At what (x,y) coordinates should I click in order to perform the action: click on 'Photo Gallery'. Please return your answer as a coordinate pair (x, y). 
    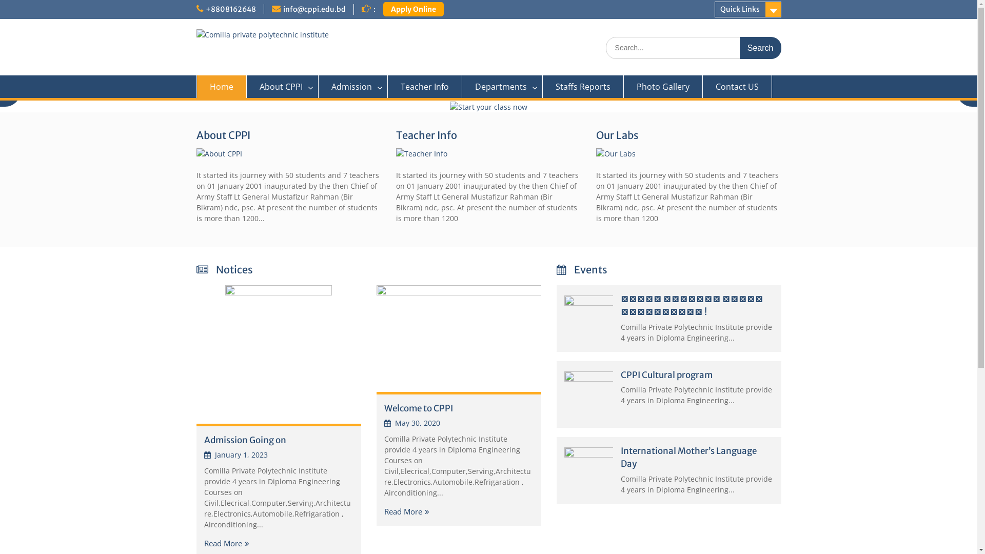
    Looking at the image, I should click on (663, 86).